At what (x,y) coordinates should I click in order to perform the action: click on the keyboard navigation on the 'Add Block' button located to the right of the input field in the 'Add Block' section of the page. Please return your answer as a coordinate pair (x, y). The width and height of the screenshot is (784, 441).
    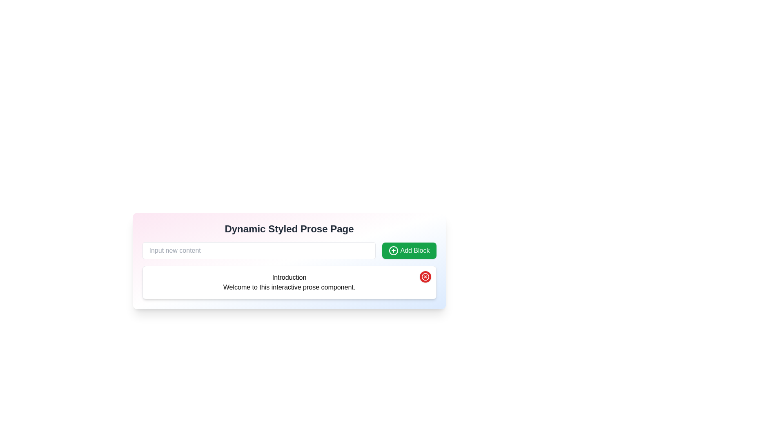
    Looking at the image, I should click on (409, 250).